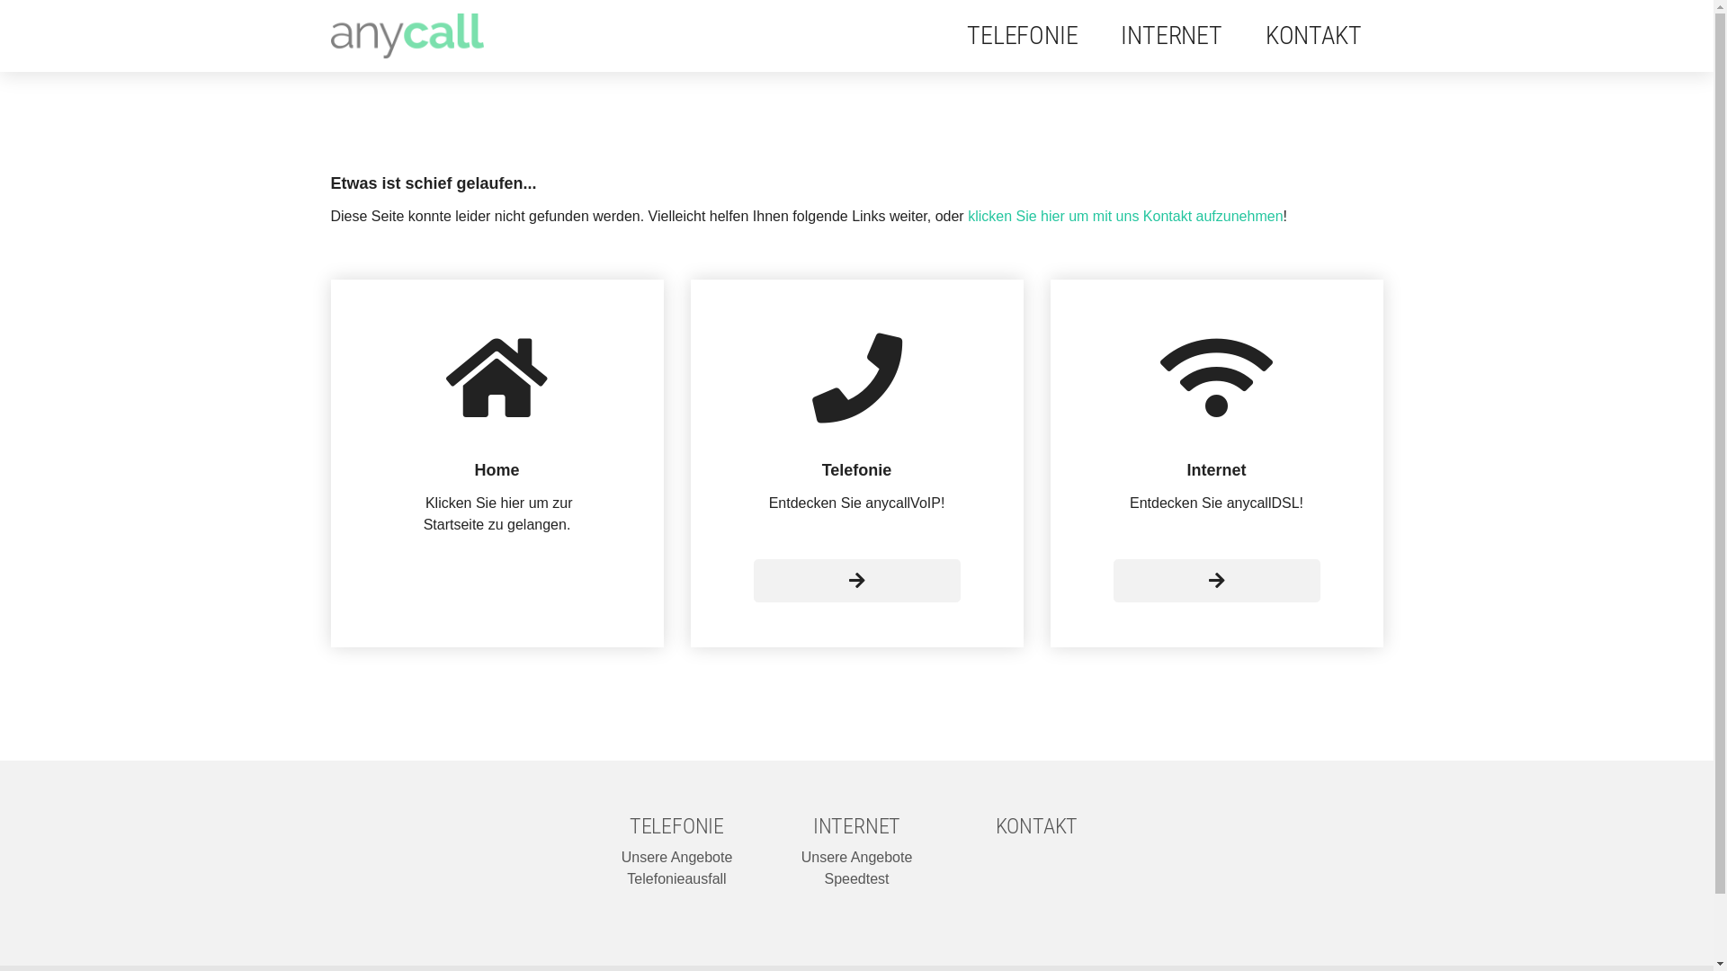  Describe the element at coordinates (1036, 825) in the screenshot. I see `'KONTAKT'` at that location.